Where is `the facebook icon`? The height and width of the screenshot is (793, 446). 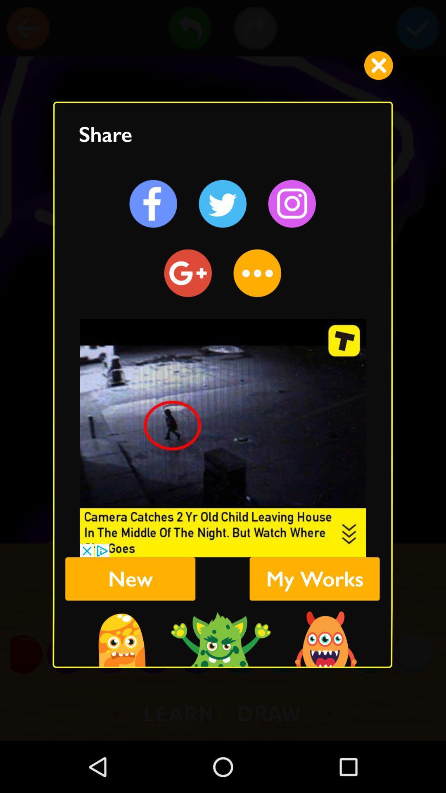 the facebook icon is located at coordinates (153, 204).